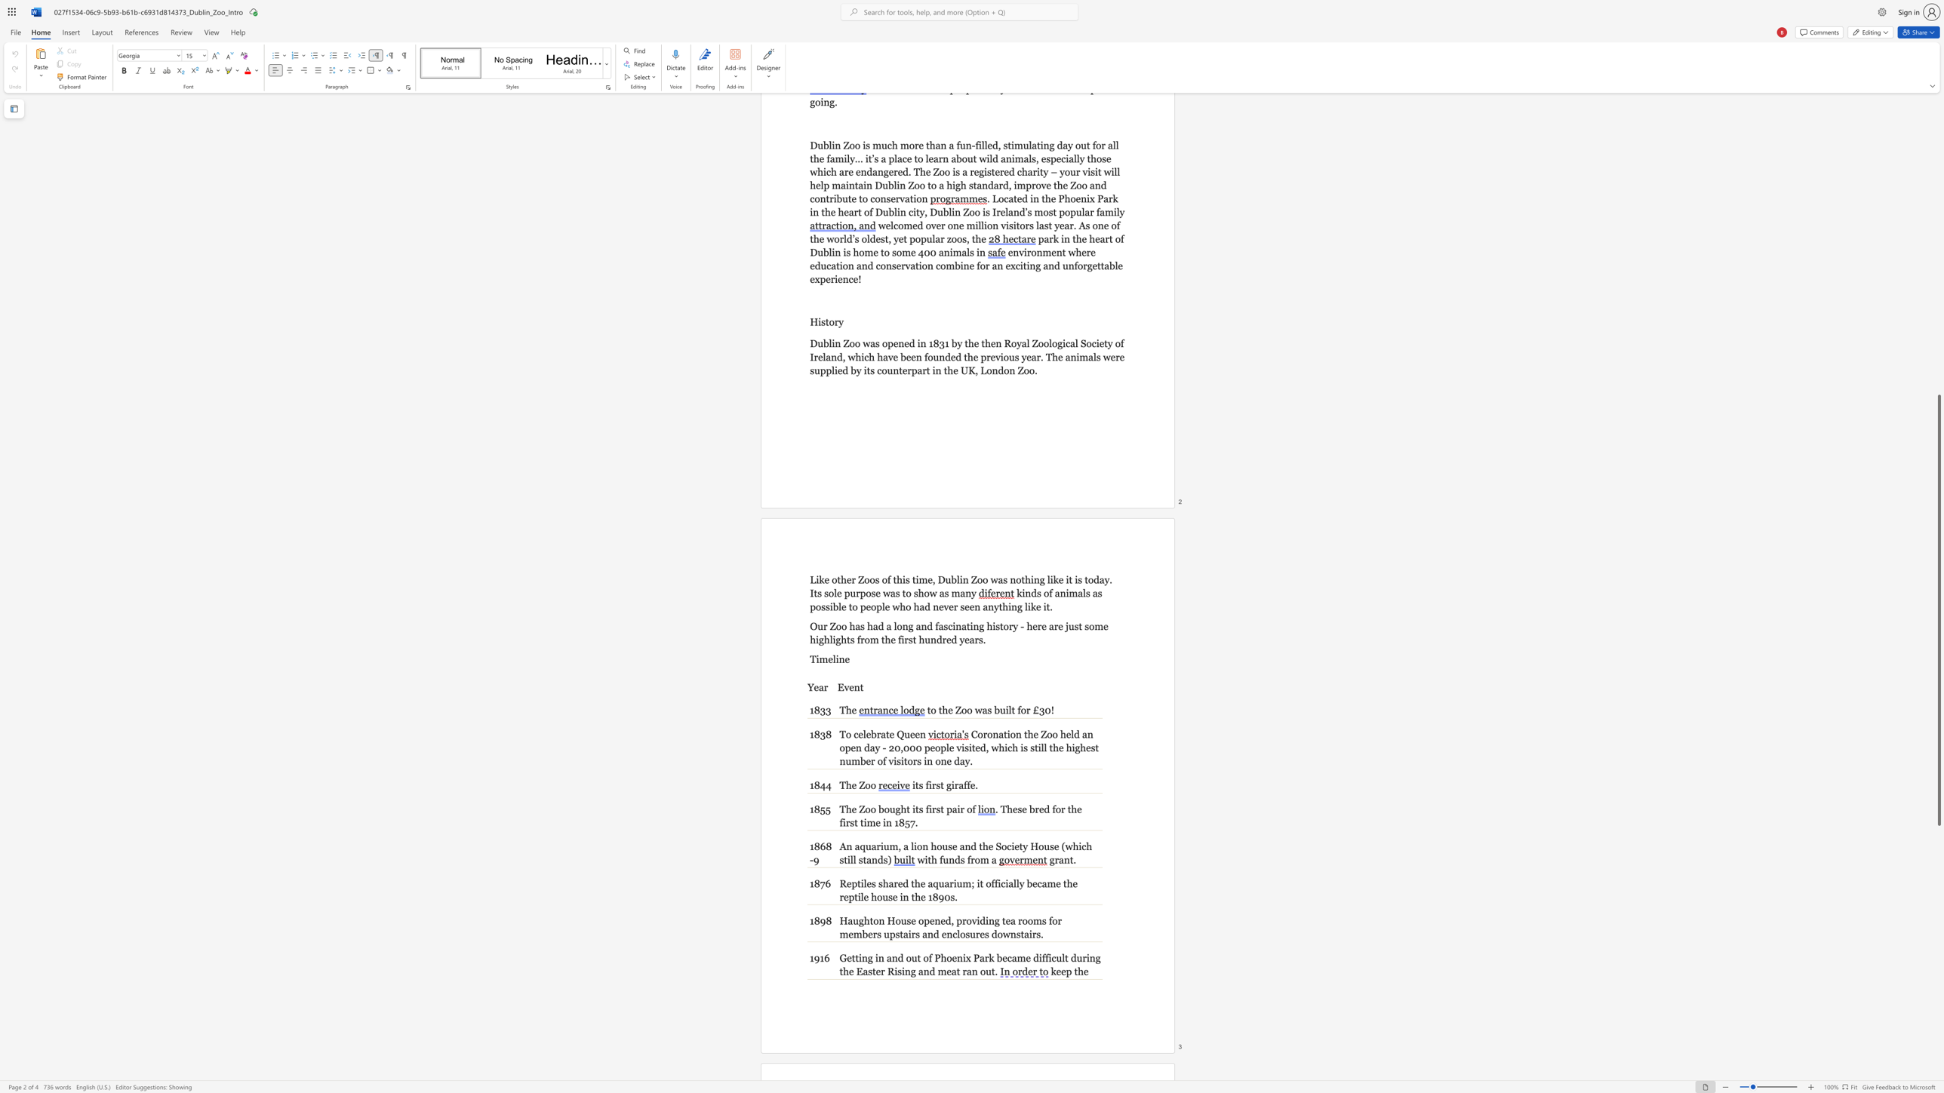 Image resolution: width=1944 pixels, height=1093 pixels. I want to click on the 1th character "h" in the text, so click(985, 846).